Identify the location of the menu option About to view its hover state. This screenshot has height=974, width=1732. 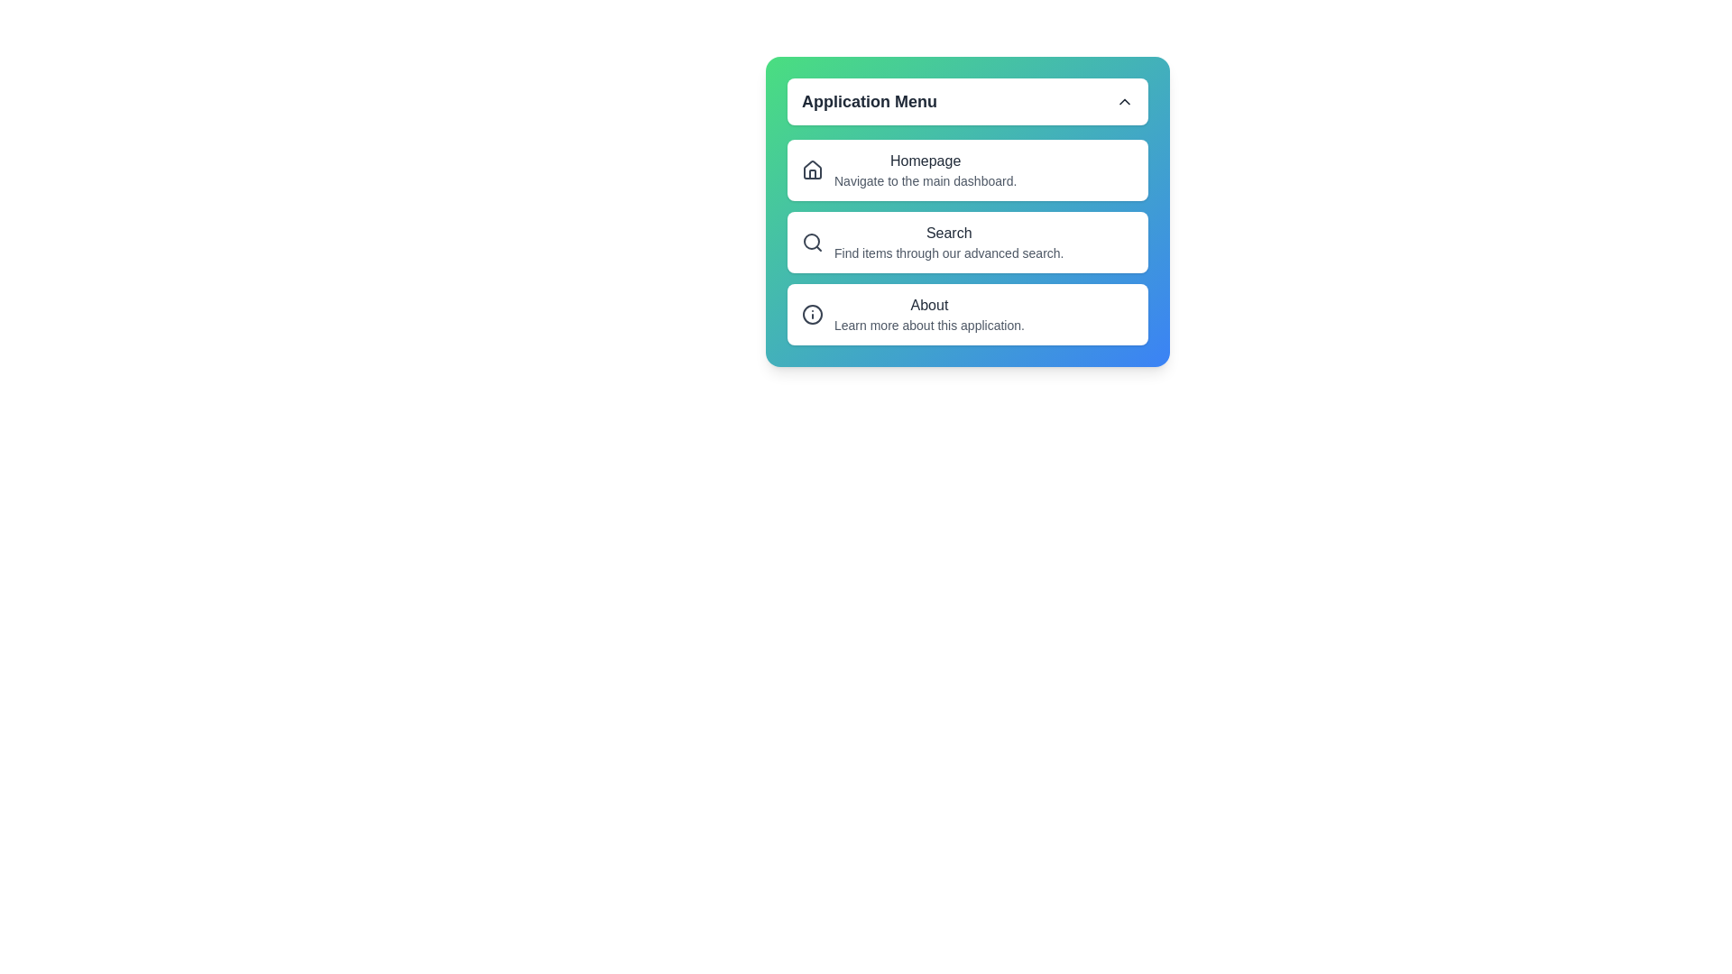
(967, 313).